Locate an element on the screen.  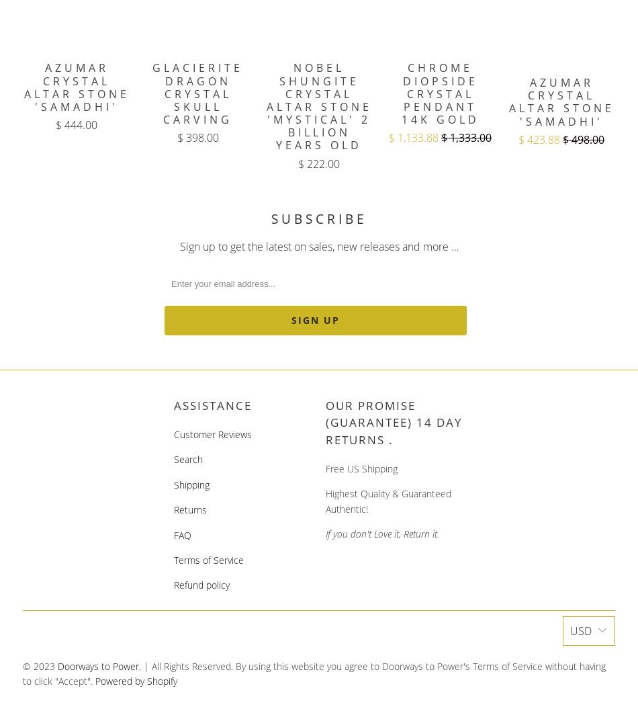
'Returns' is located at coordinates (173, 509).